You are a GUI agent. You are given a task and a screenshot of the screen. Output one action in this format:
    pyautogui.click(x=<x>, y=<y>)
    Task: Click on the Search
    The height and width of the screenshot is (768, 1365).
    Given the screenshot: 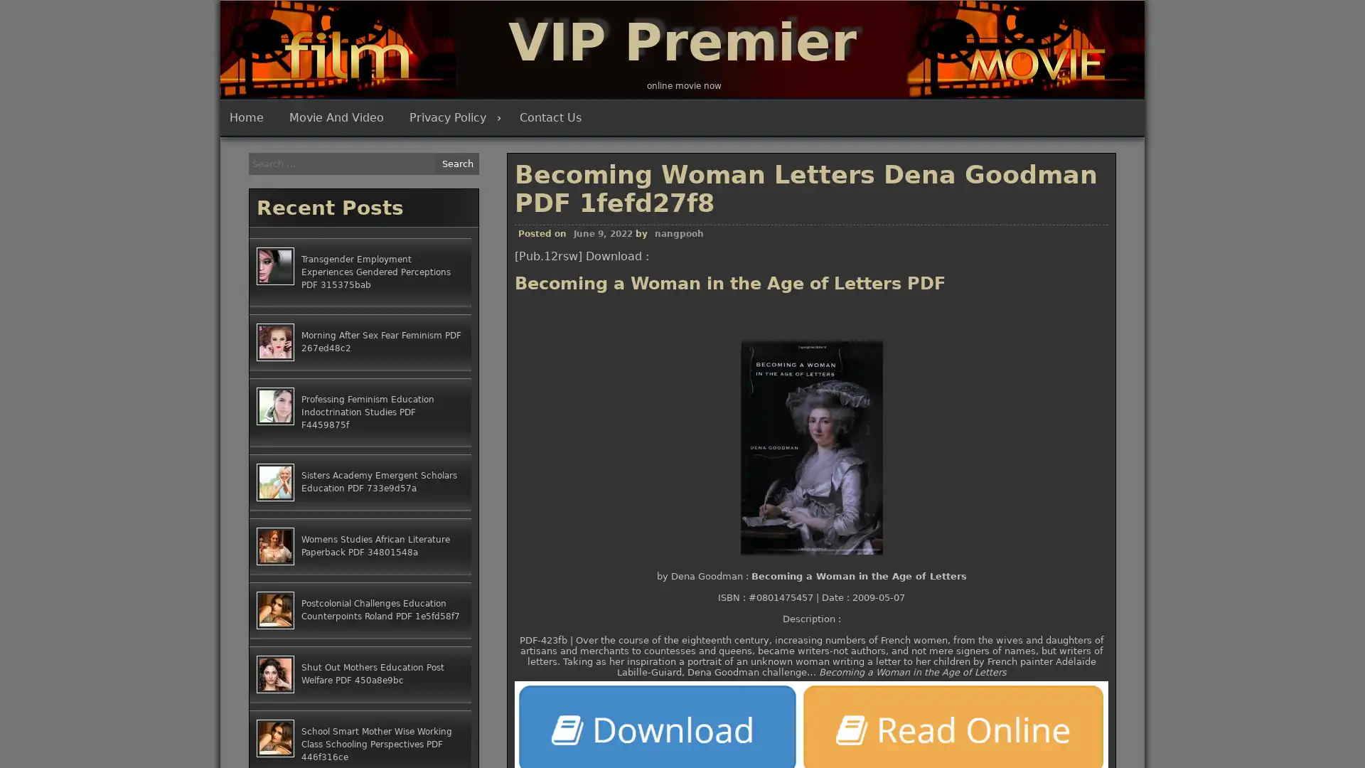 What is the action you would take?
    pyautogui.click(x=457, y=163)
    